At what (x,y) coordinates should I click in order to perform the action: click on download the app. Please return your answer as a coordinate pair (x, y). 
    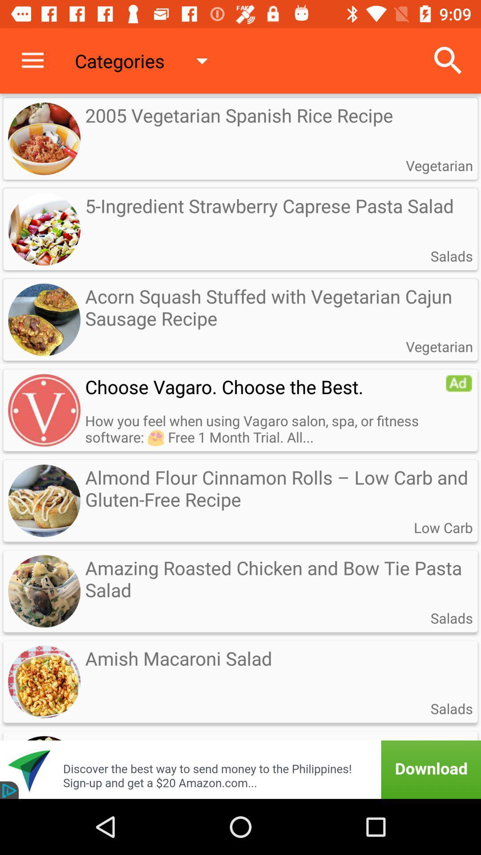
    Looking at the image, I should click on (240, 757).